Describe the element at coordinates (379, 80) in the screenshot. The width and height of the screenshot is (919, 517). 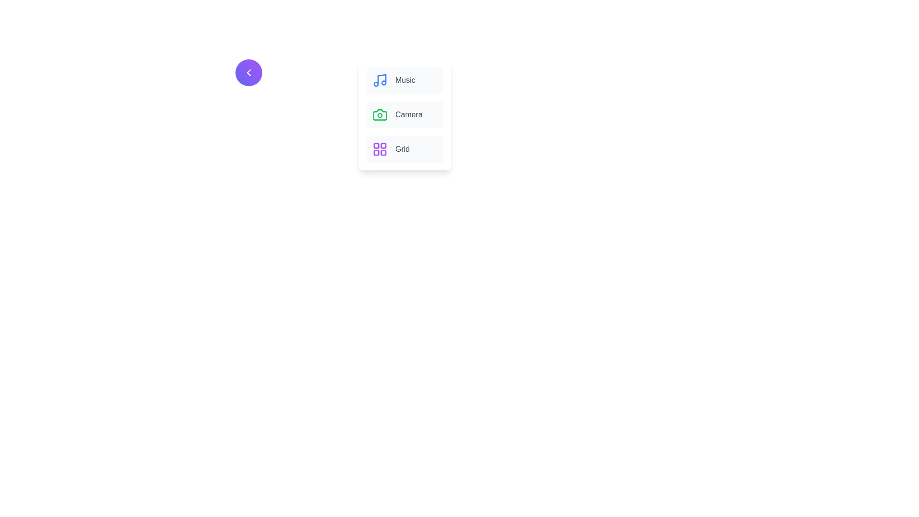
I see `the icon of the menu item labeled Music` at that location.